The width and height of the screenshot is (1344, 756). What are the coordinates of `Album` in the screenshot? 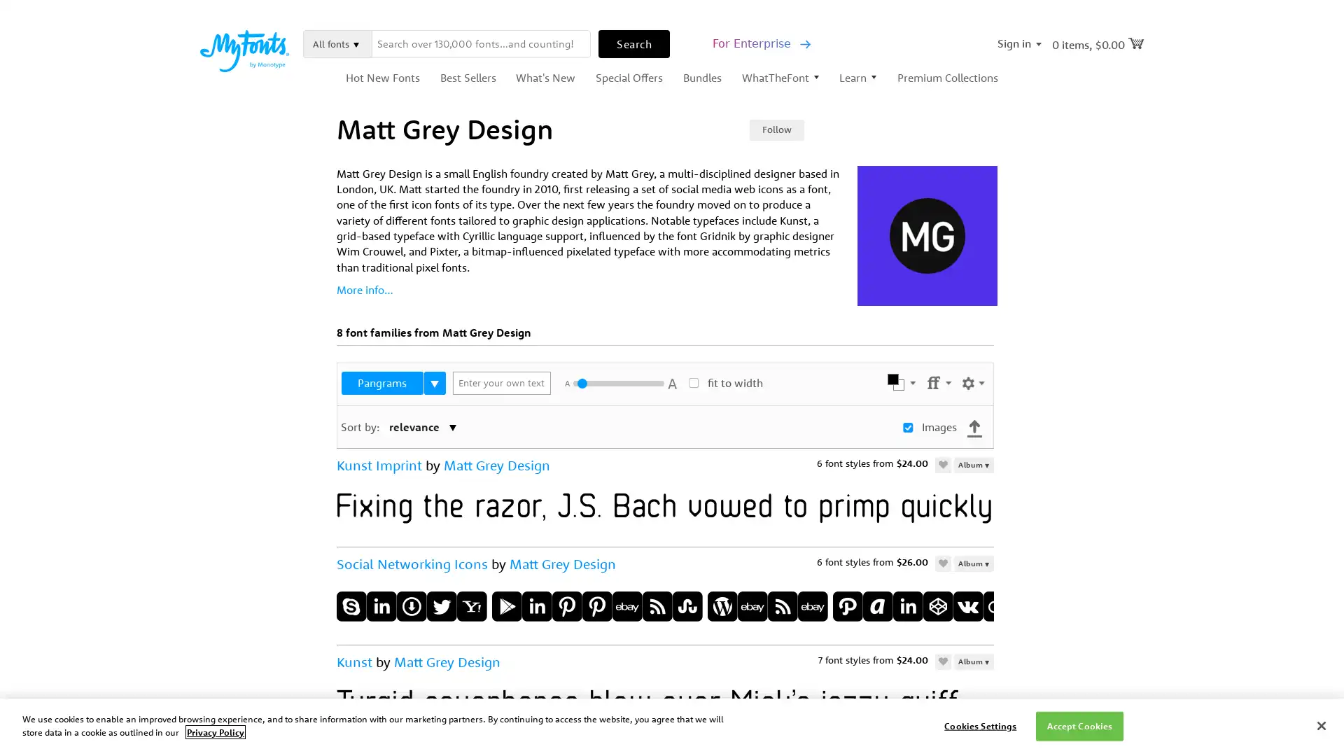 It's located at (973, 661).